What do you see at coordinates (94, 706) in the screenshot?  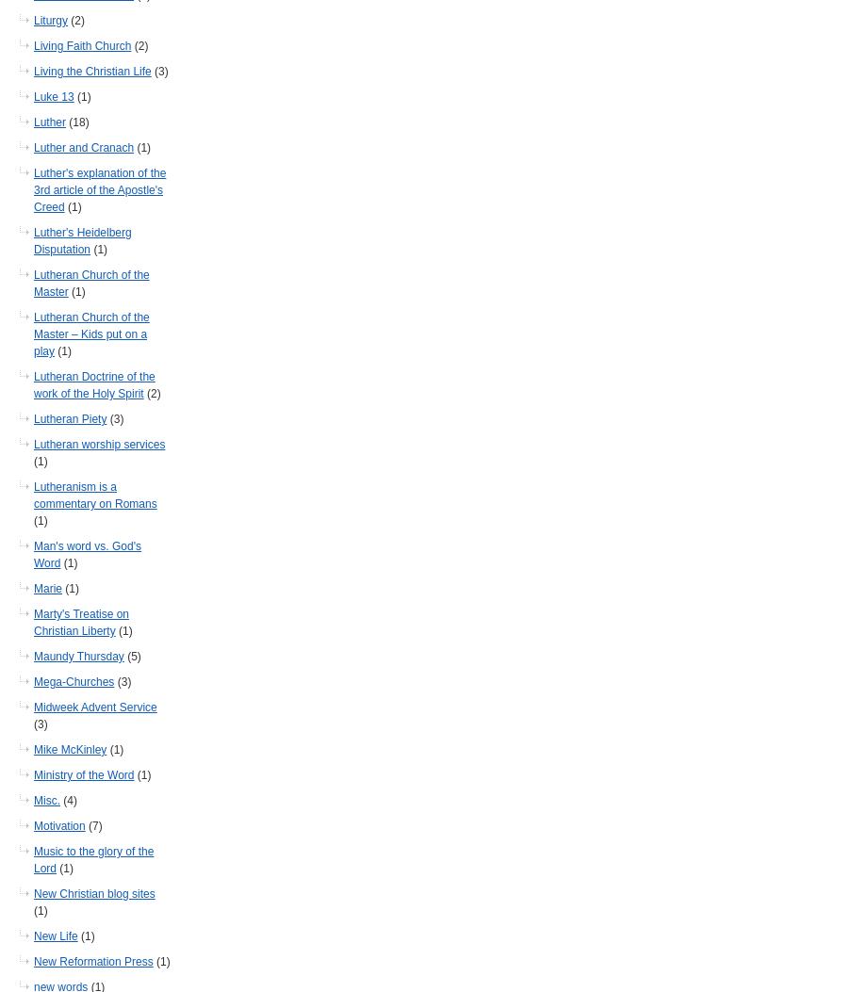 I see `'Midweek Advent Service'` at bounding box center [94, 706].